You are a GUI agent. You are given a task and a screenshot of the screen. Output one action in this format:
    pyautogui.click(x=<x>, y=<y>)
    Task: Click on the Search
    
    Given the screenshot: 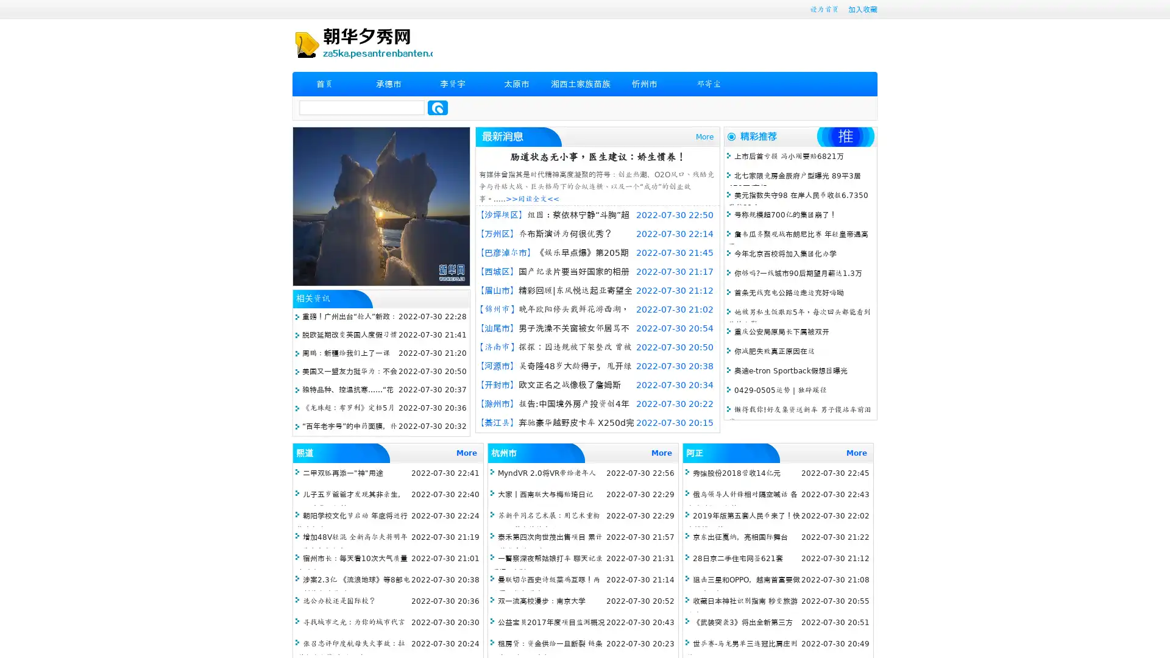 What is the action you would take?
    pyautogui.click(x=438, y=107)
    